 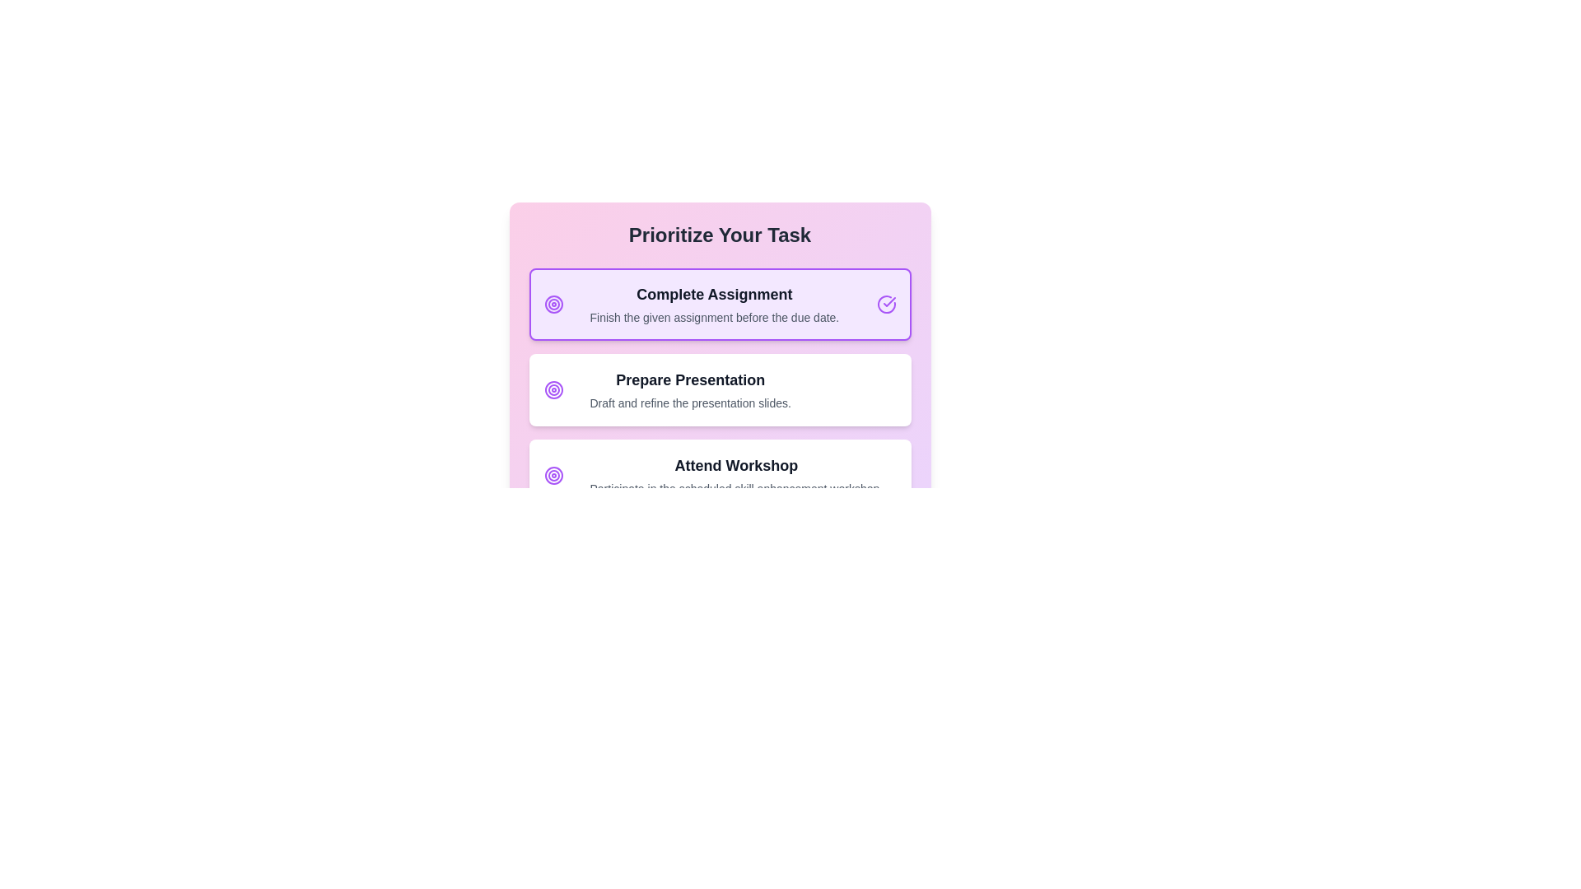 What do you see at coordinates (888, 301) in the screenshot?
I see `the checkmark-like icon with a bold purple stroke located in the upper-right corner of the 'Complete Assignment' card` at bounding box center [888, 301].